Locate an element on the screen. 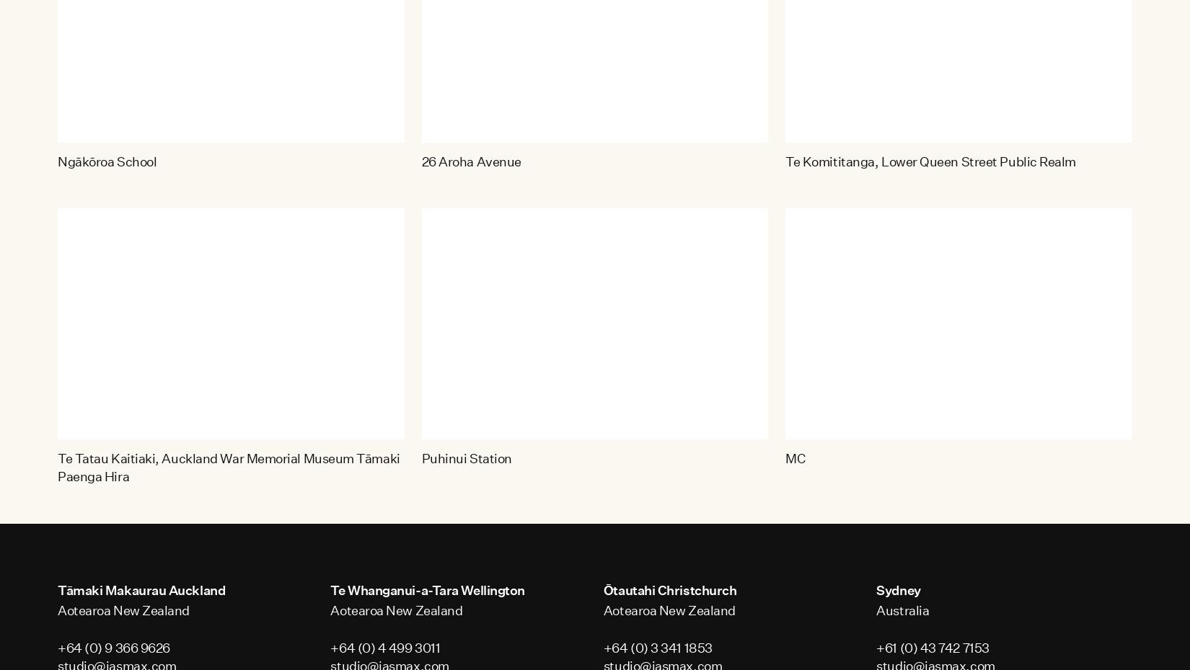 Image resolution: width=1190 pixels, height=670 pixels. 'Ngākōroa School' is located at coordinates (107, 160).